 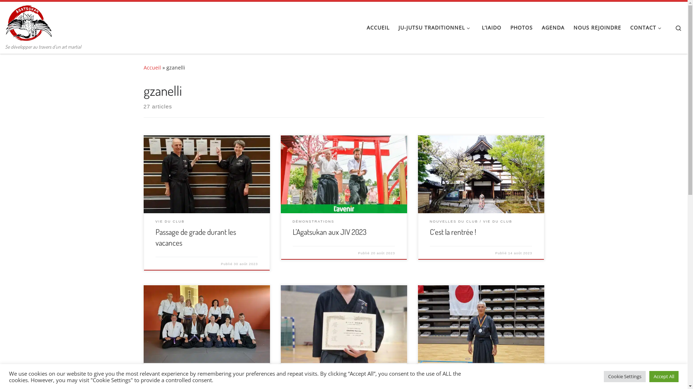 I want to click on 'Accept All', so click(x=649, y=376).